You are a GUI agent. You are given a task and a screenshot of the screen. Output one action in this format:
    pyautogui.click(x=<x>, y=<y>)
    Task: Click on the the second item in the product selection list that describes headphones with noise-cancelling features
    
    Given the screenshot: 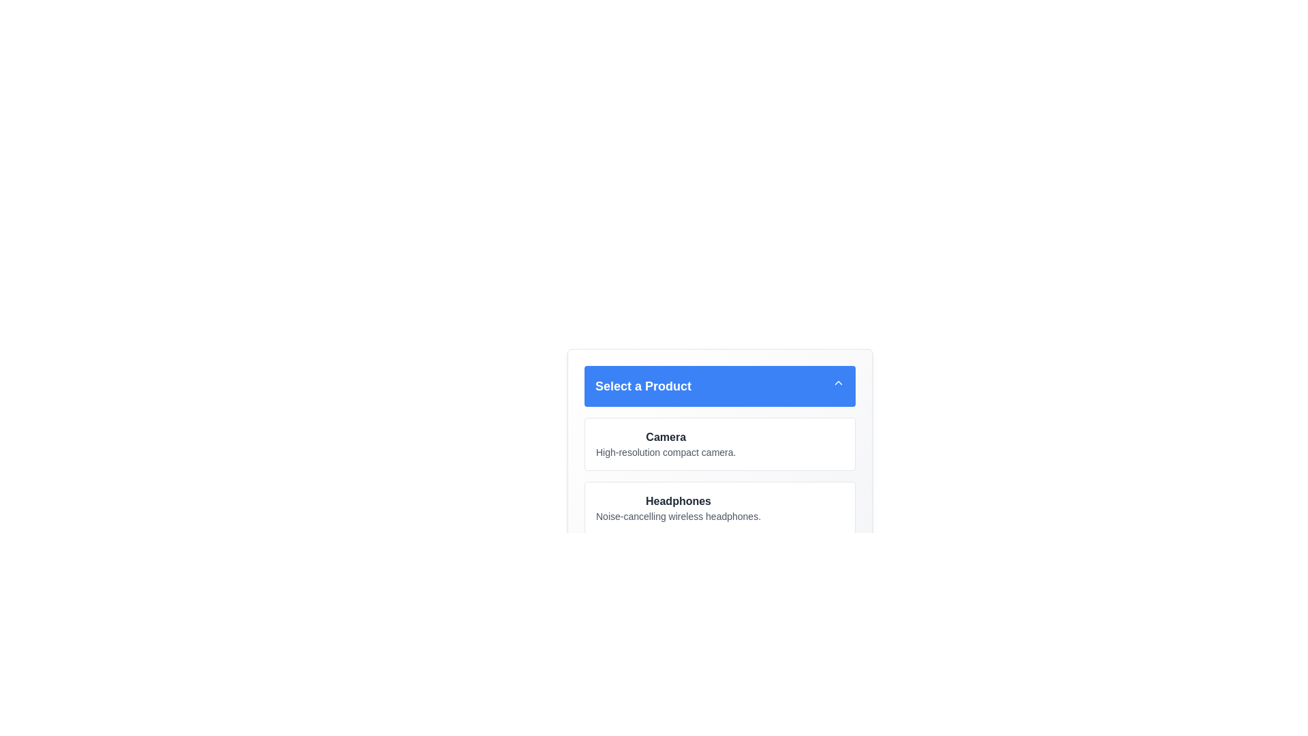 What is the action you would take?
    pyautogui.click(x=719, y=508)
    